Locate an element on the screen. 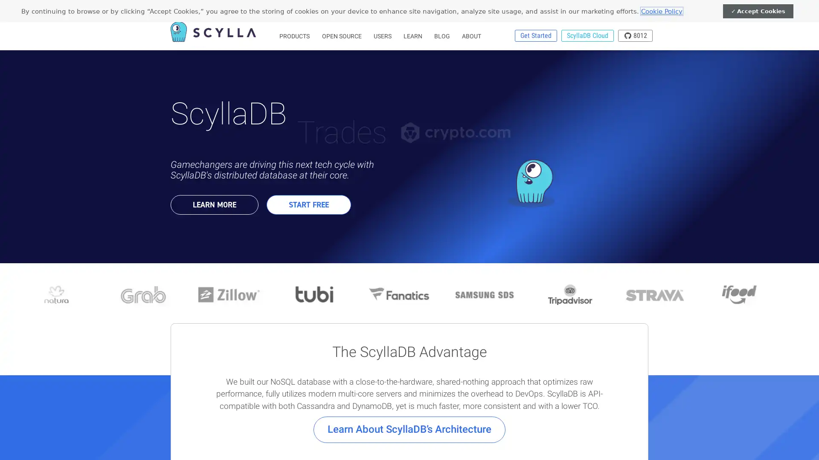 The height and width of the screenshot is (460, 819). Accept Cookies is located at coordinates (758, 11).